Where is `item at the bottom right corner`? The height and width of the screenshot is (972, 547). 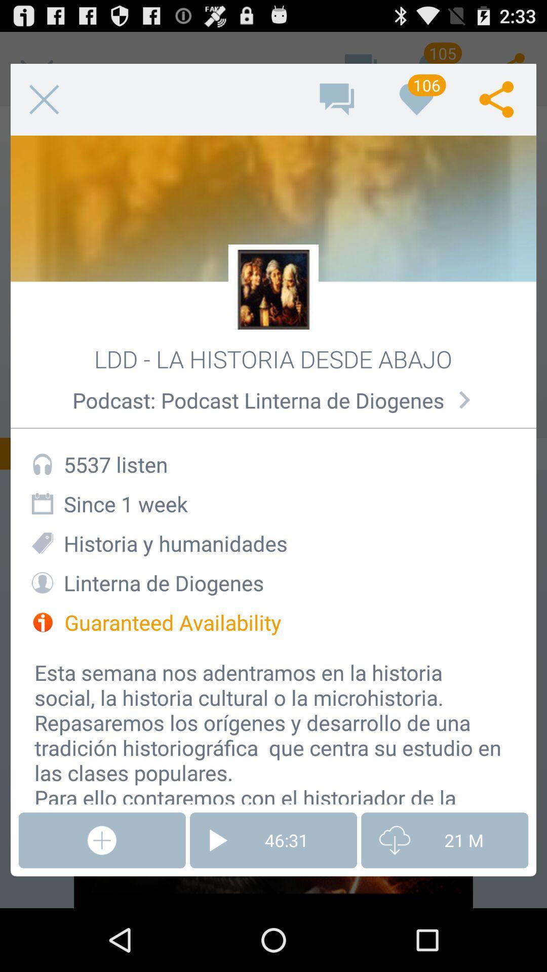 item at the bottom right corner is located at coordinates (444, 840).